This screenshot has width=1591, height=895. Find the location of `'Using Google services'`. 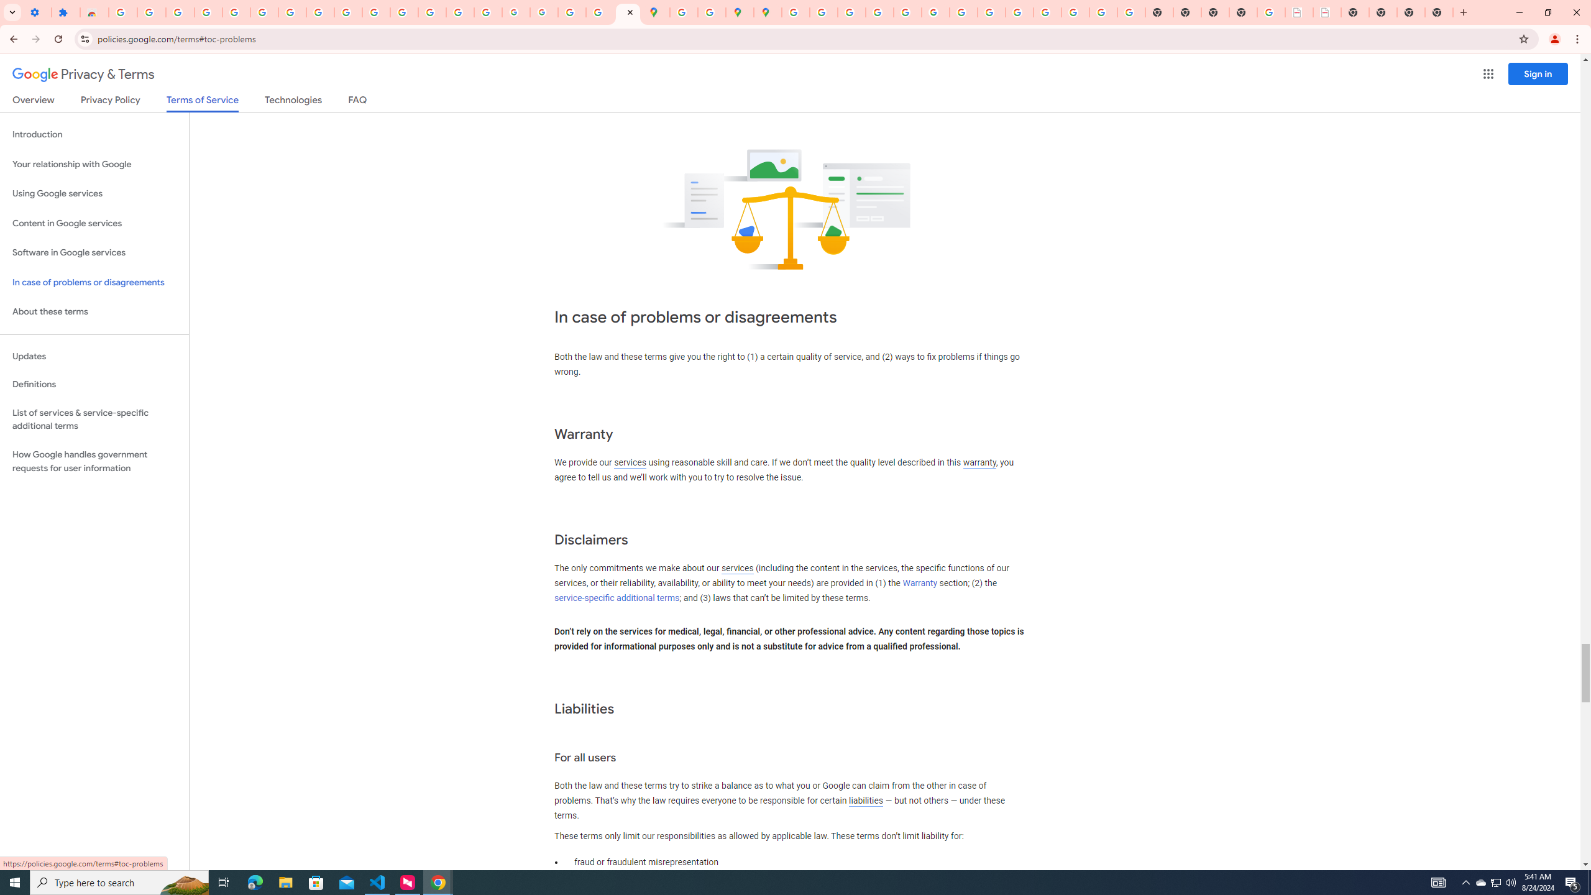

'Using Google services' is located at coordinates (94, 193).